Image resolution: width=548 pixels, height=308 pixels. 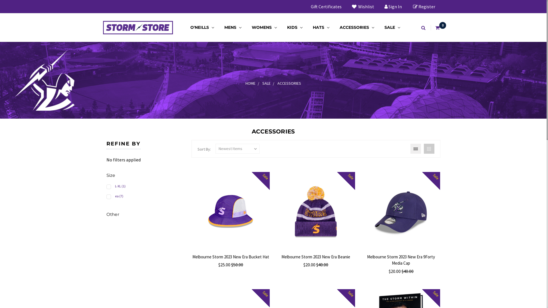 What do you see at coordinates (362, 7) in the screenshot?
I see `'Wishlist'` at bounding box center [362, 7].